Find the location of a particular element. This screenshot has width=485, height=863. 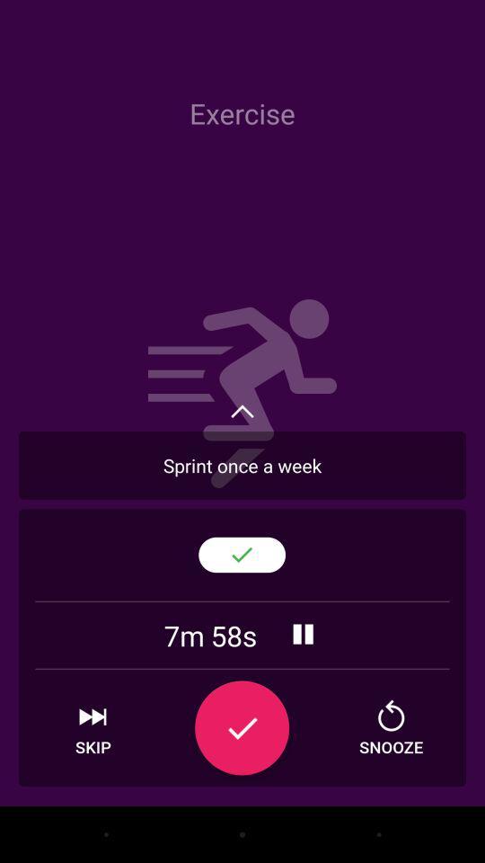

pink color button is located at coordinates (242, 728).